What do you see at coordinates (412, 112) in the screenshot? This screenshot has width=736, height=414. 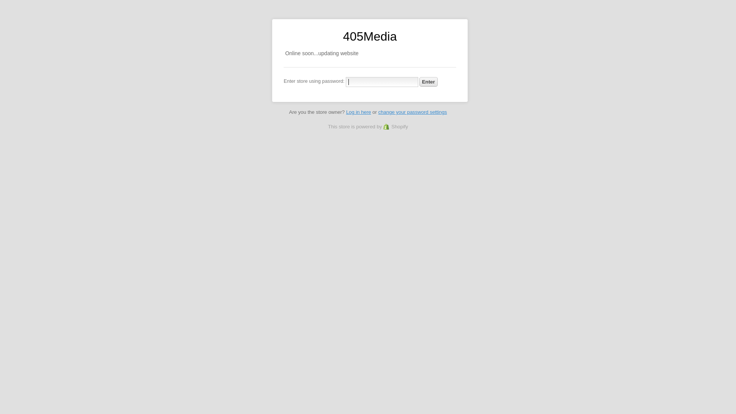 I see `'change your password settings'` at bounding box center [412, 112].